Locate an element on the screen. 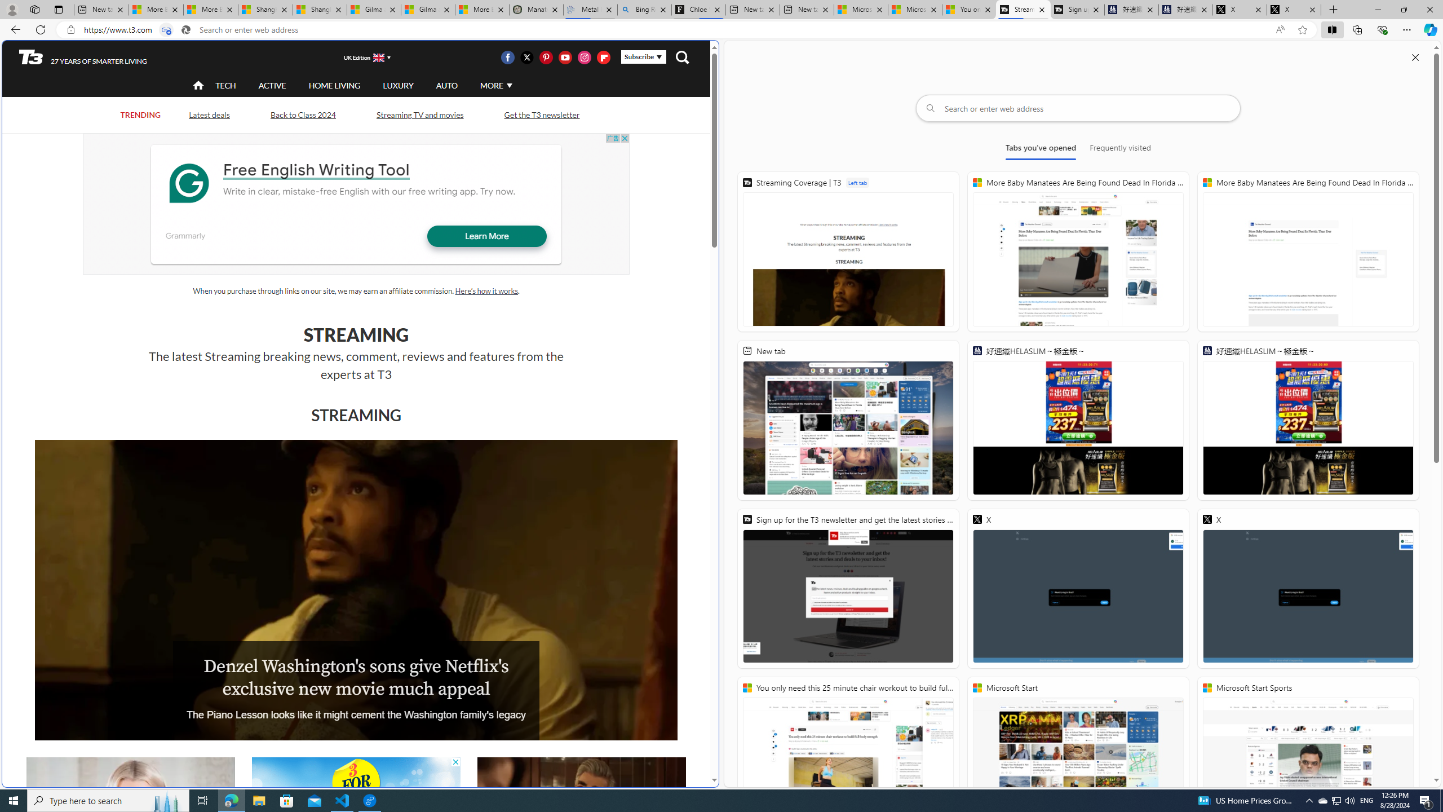 This screenshot has height=812, width=1443. 'Visit us on Facebook' is located at coordinates (507, 56).